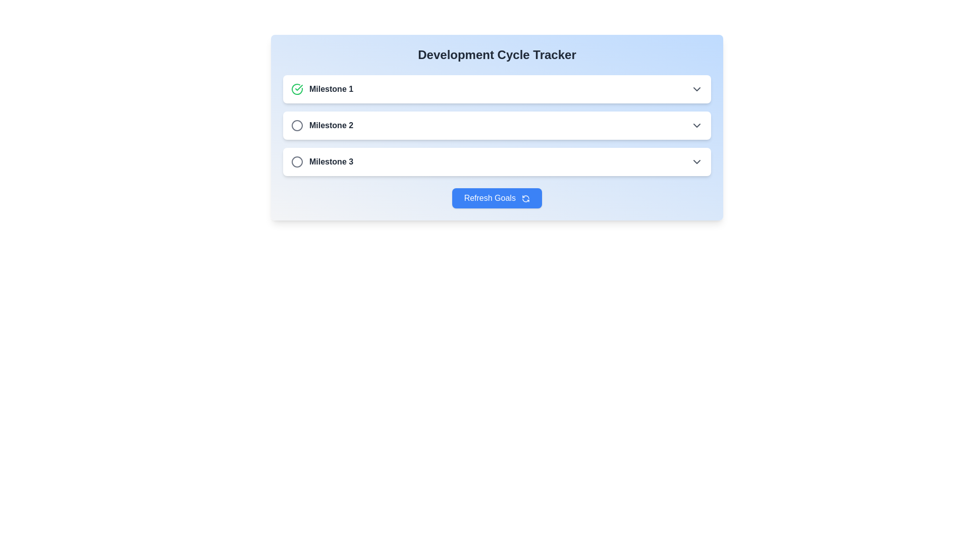 This screenshot has height=545, width=969. Describe the element at coordinates (525, 198) in the screenshot. I see `the circular refresh icon located inside the 'Refresh Goals' button, which is positioned to the right of the text label` at that location.